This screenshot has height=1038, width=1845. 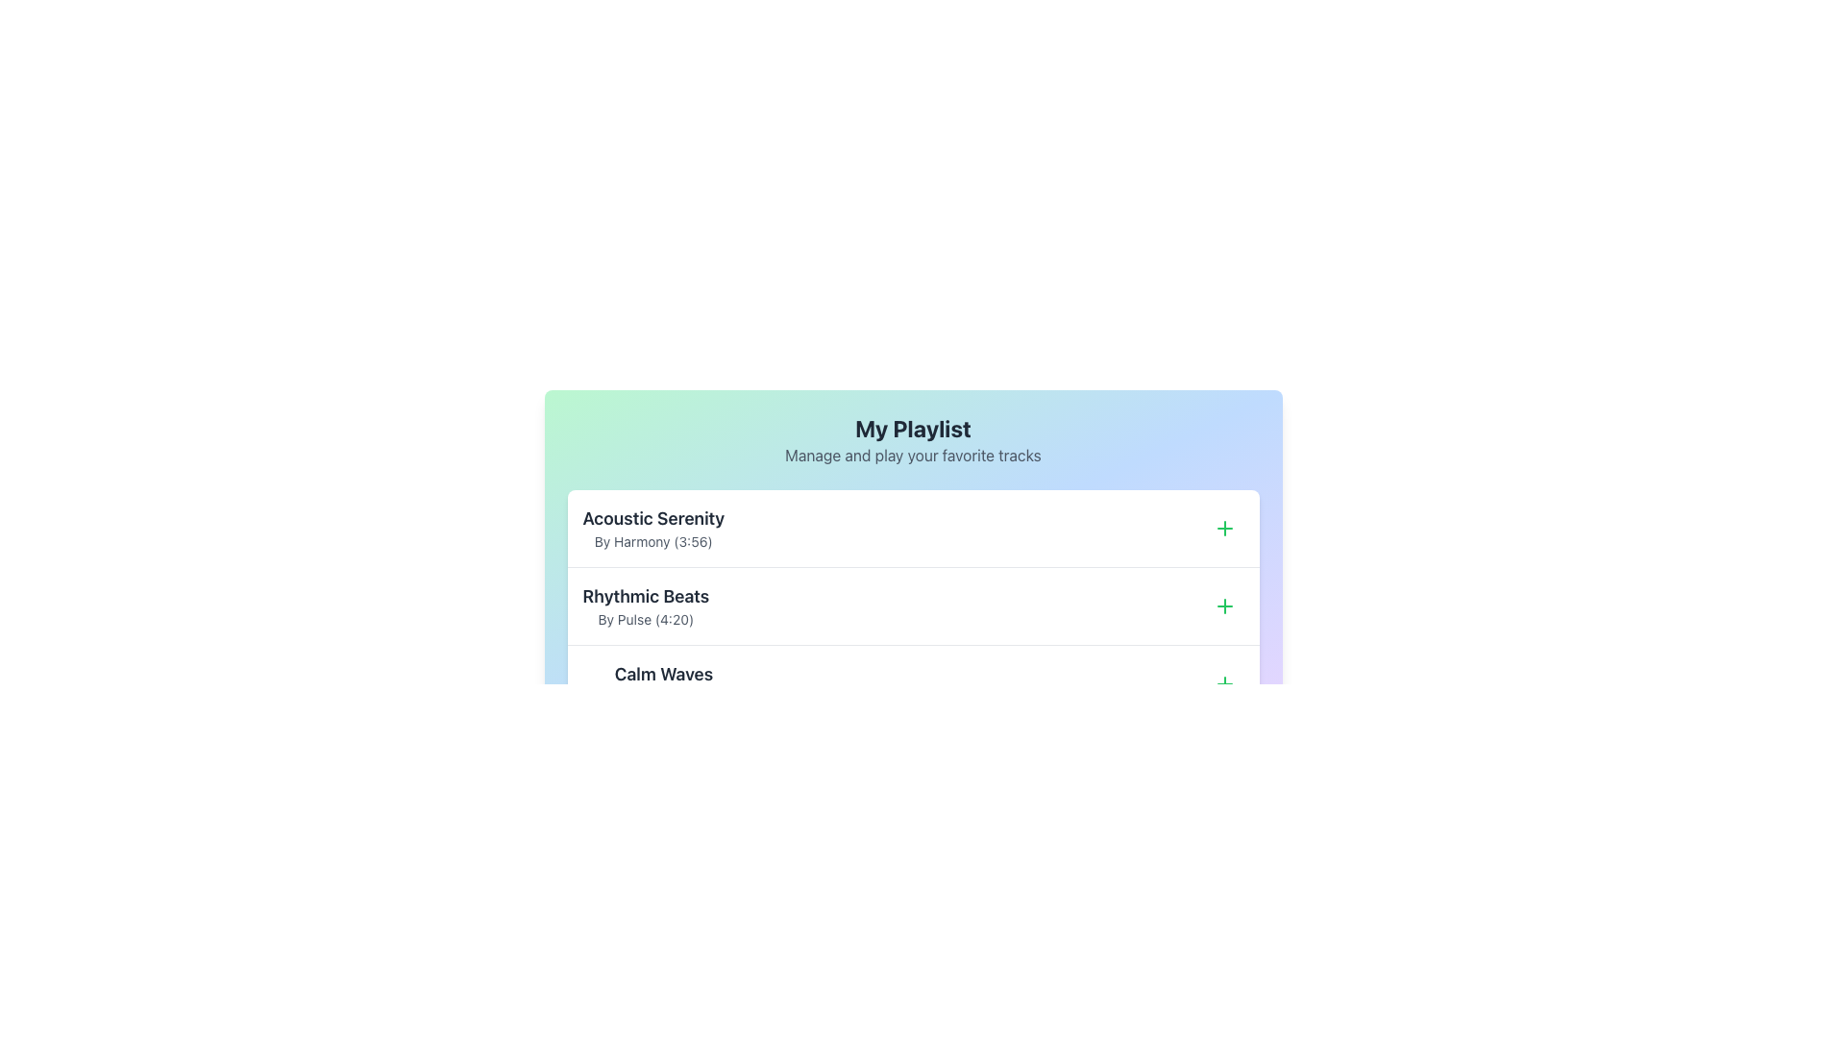 What do you see at coordinates (912, 428) in the screenshot?
I see `the bold text header element labeled 'My Playlist', which is centrally aligned at the top of the interface and displayed against a gradient background` at bounding box center [912, 428].